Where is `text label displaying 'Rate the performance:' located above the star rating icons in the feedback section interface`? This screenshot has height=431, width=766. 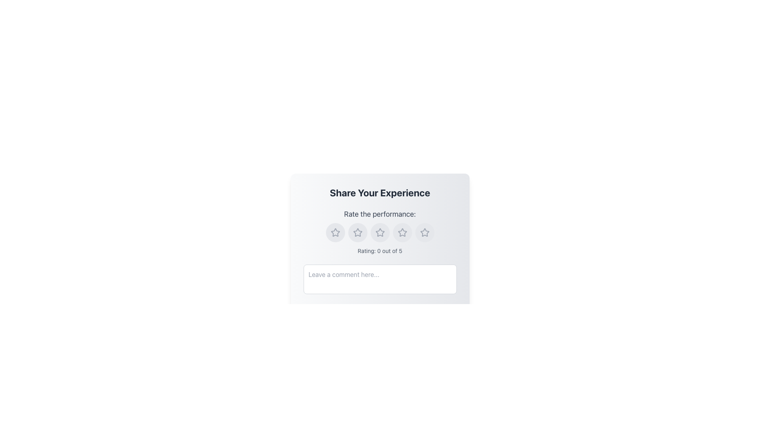 text label displaying 'Rate the performance:' located above the star rating icons in the feedback section interface is located at coordinates (379, 214).